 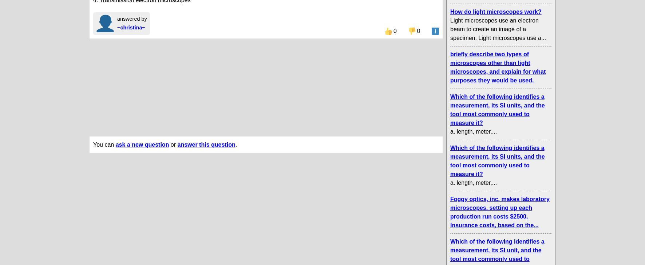 I want to click on 'briefly describe two types of microscopes other than light microscopes, and explain for what purposes they would be used.', so click(x=497, y=67).